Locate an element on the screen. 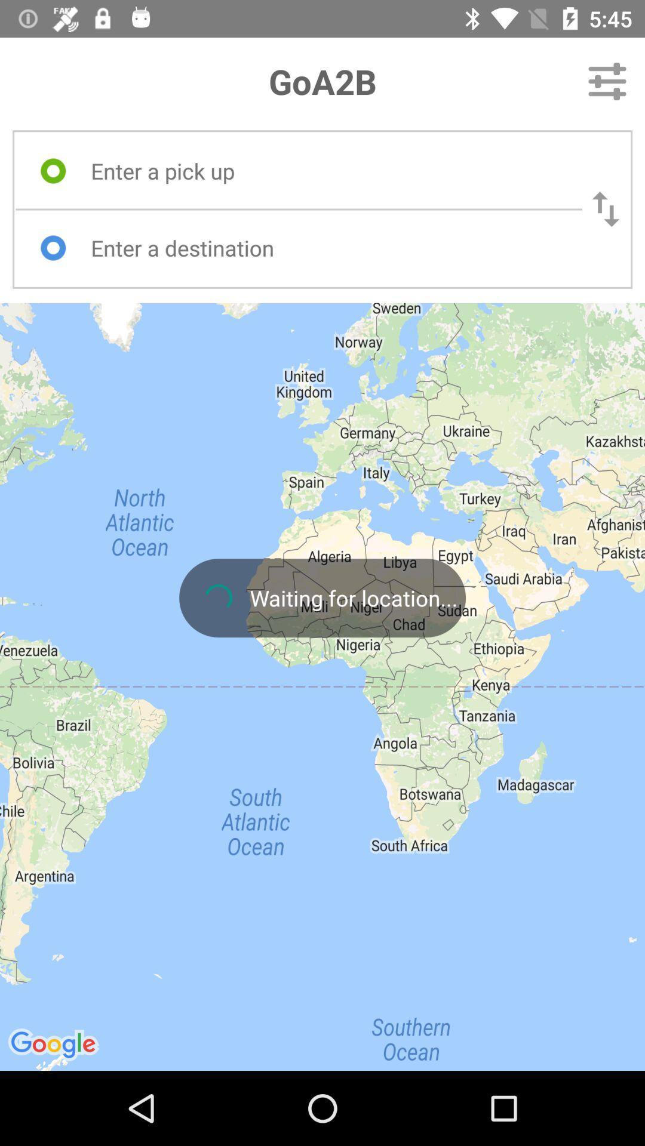 This screenshot has height=1146, width=645. reverse starting point and destination is located at coordinates (606, 209).